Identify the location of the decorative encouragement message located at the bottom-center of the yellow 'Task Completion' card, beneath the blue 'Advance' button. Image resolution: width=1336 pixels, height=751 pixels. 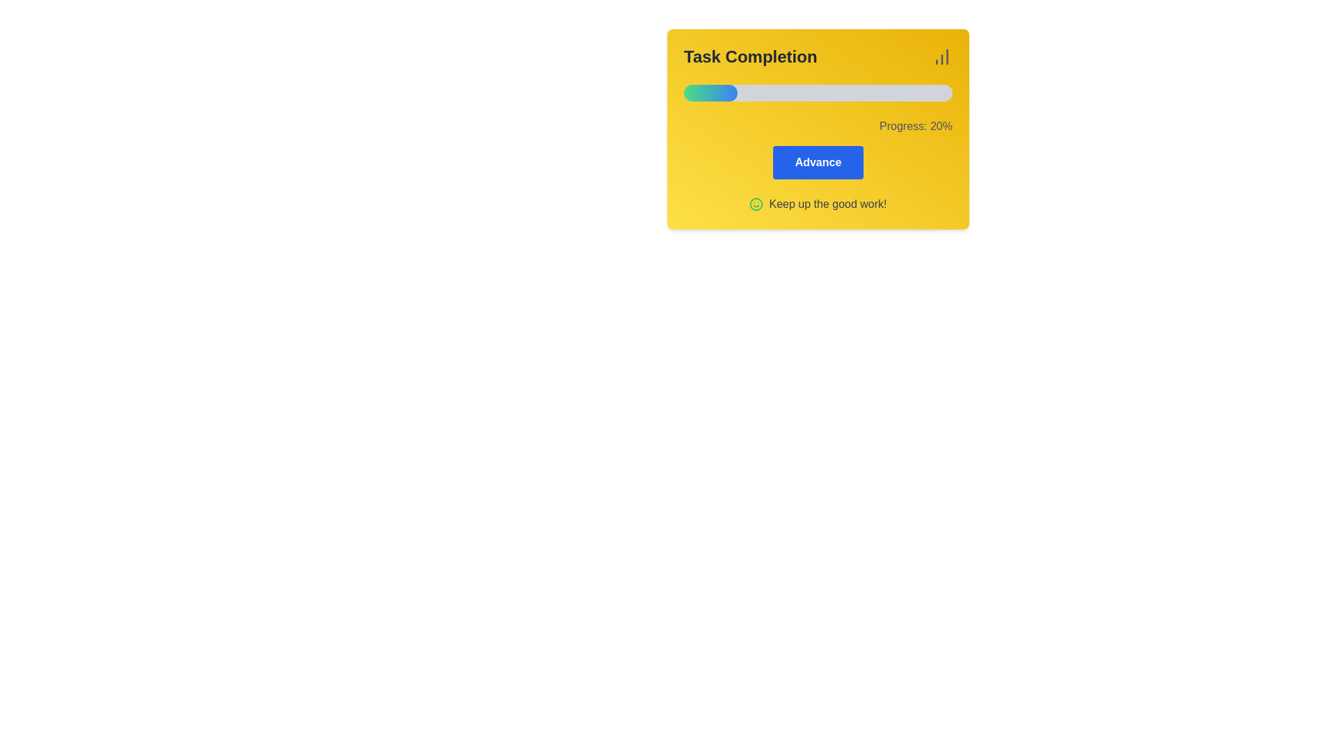
(818, 204).